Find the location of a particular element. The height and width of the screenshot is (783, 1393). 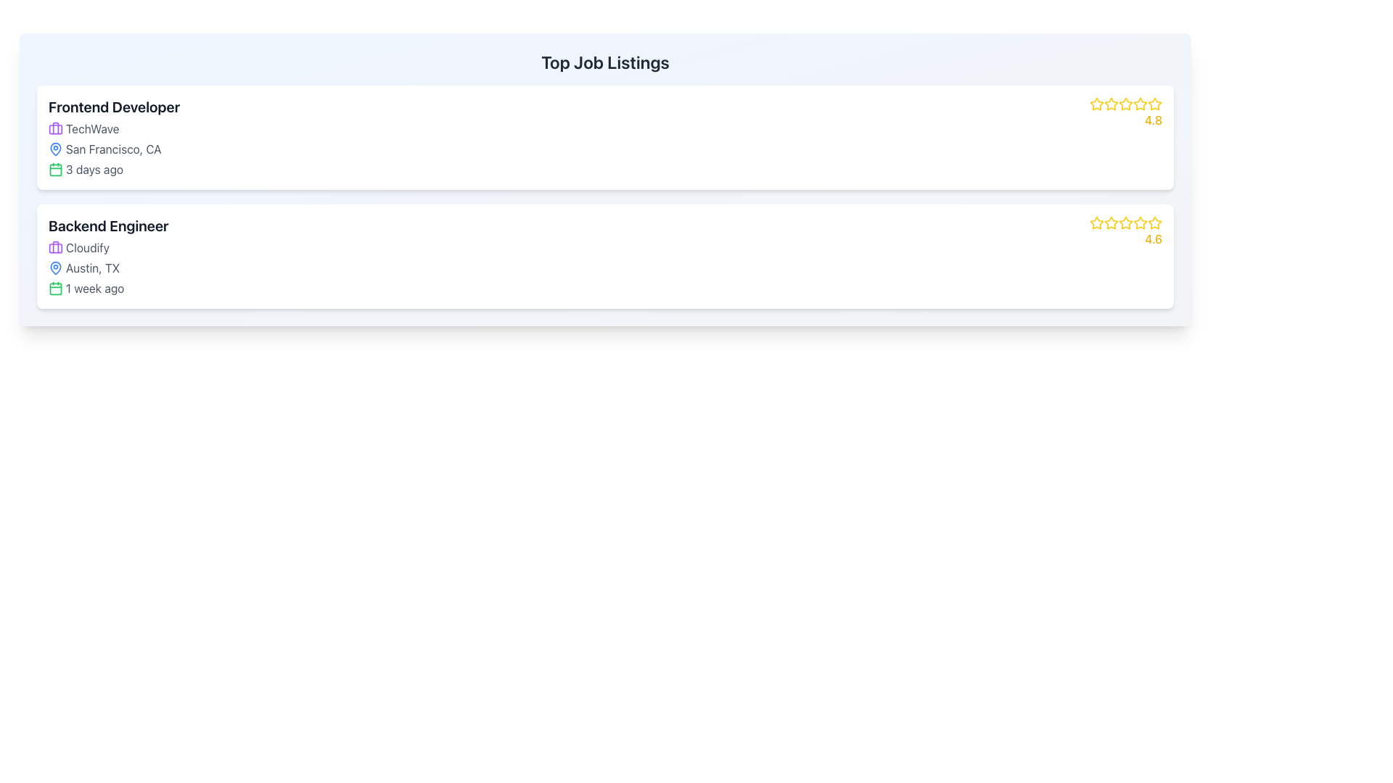

the icon representing 'Cloudify' located to the immediate left of the employer name in the second job listing titled 'Backend Engineer' is located at coordinates (55, 247).